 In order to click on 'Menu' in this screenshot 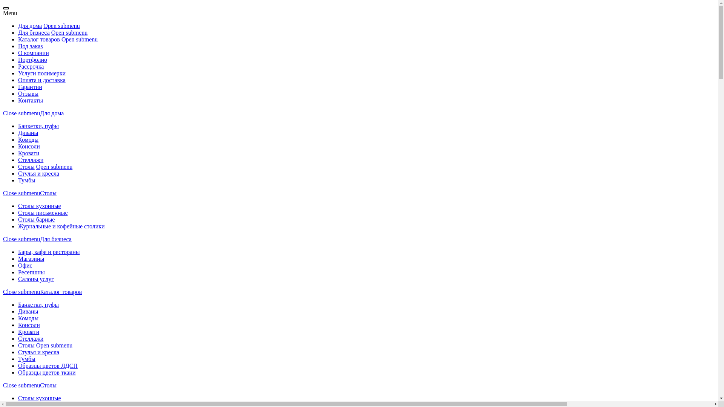, I will do `click(10, 13)`.